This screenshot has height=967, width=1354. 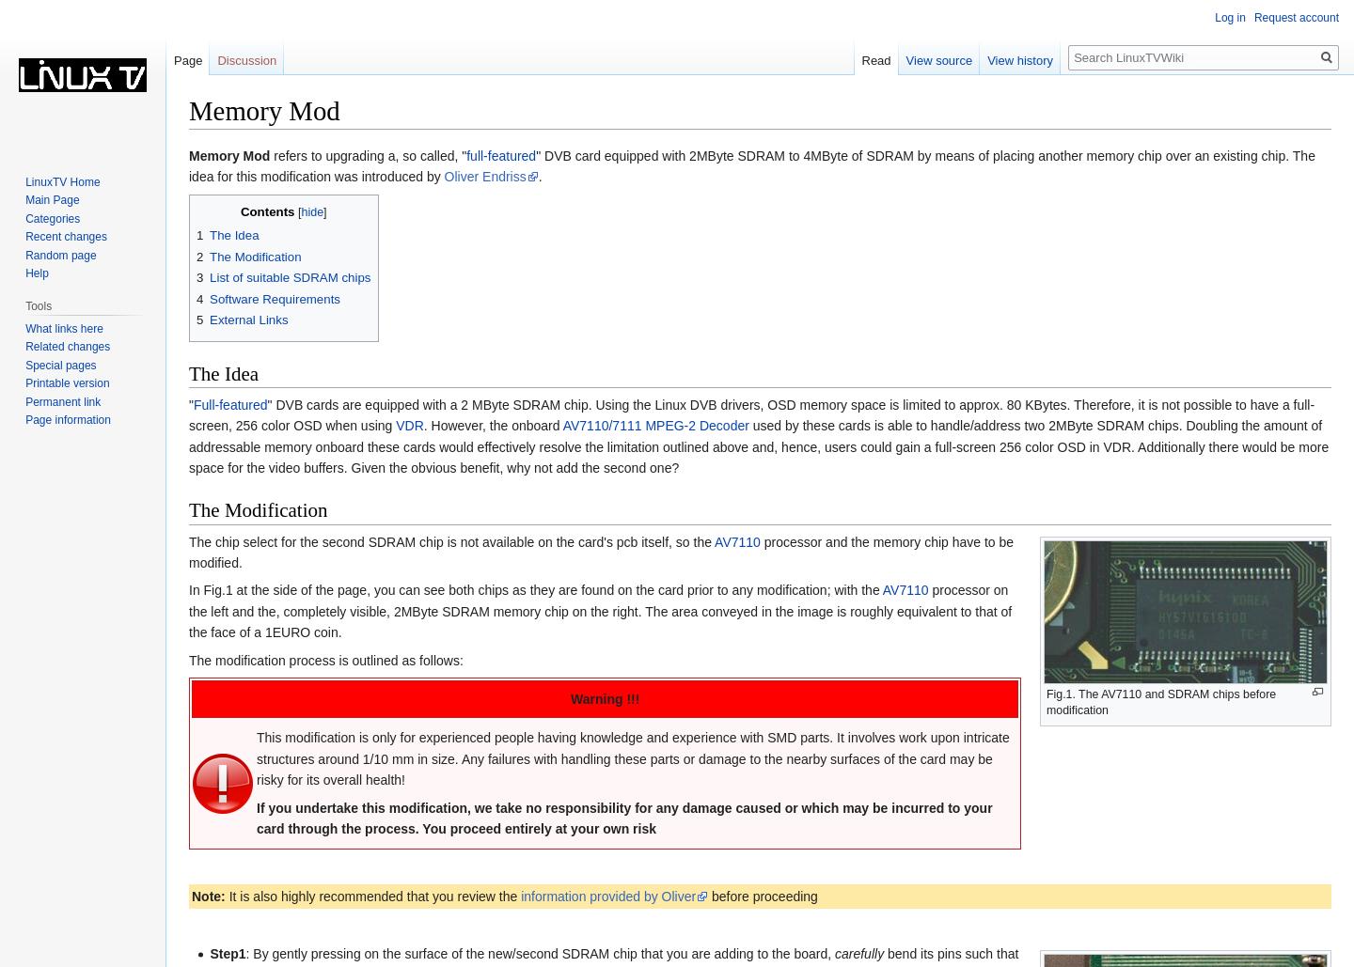 I want to click on 'Full-featured', so click(x=228, y=403).